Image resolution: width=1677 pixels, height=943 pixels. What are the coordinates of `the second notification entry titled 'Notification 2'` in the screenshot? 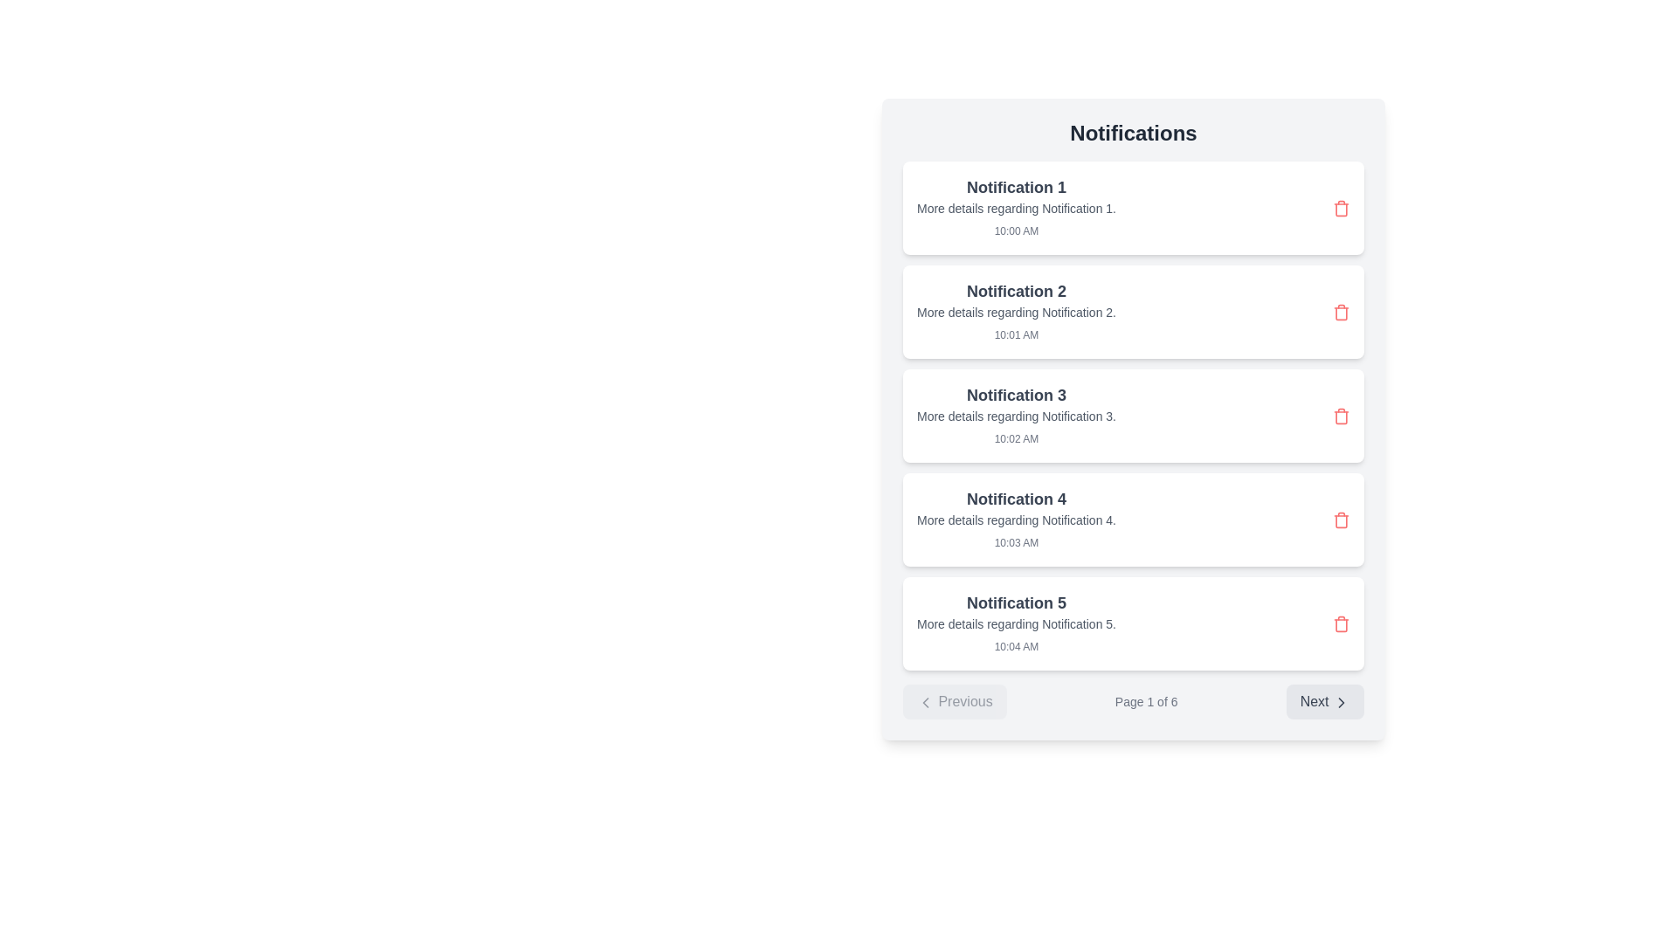 It's located at (1017, 311).